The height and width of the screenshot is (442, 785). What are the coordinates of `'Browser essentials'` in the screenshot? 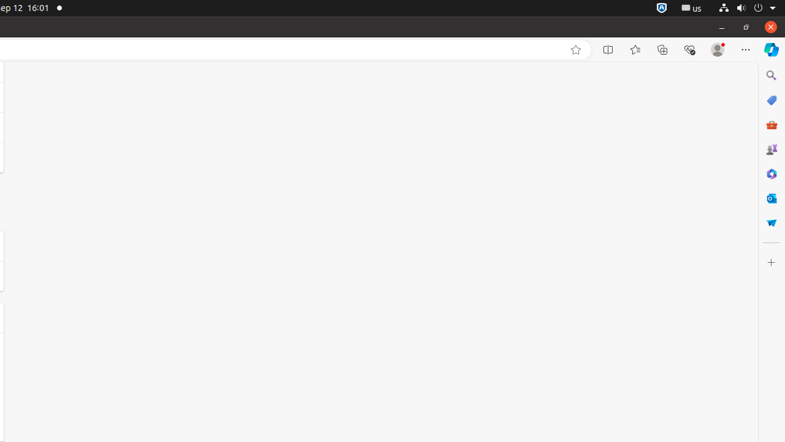 It's located at (689, 49).